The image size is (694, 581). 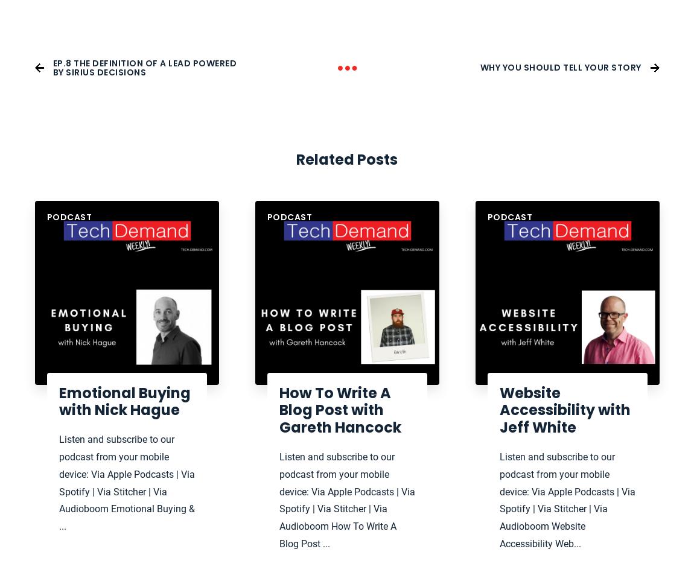 What do you see at coordinates (126, 482) in the screenshot?
I see `'Listen and subscribe to our podcast from your mobile device:
Via Apple Podcasts | Via Spotify | Via Stitcher | Via Audioboom
Emotional Buying & ...'` at bounding box center [126, 482].